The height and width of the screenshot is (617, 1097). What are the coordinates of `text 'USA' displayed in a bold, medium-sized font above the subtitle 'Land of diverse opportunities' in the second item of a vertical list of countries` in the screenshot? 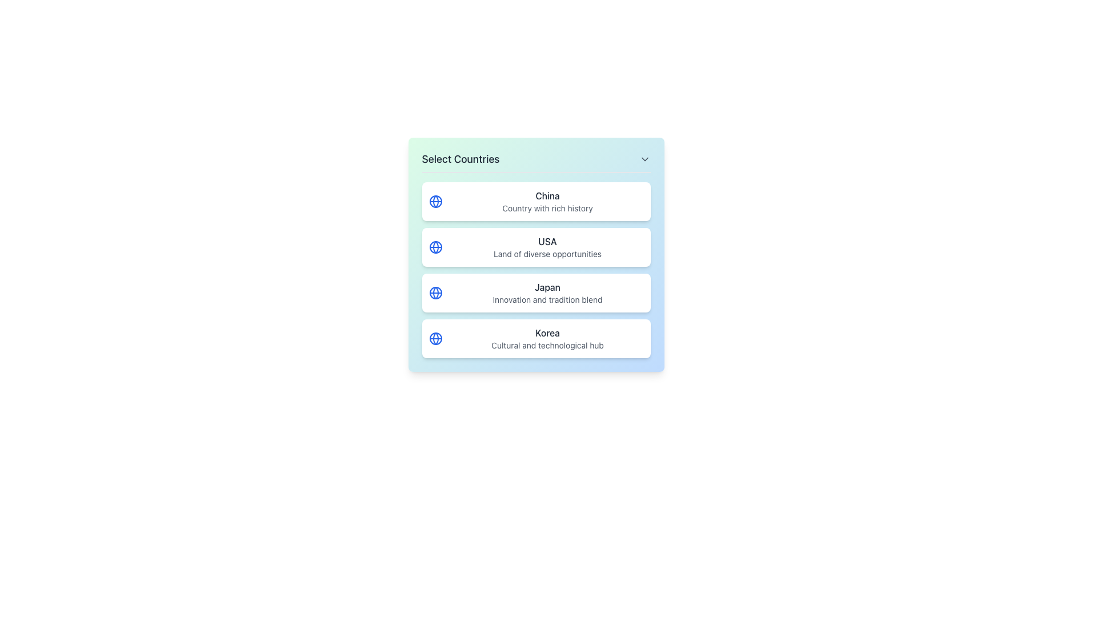 It's located at (547, 241).